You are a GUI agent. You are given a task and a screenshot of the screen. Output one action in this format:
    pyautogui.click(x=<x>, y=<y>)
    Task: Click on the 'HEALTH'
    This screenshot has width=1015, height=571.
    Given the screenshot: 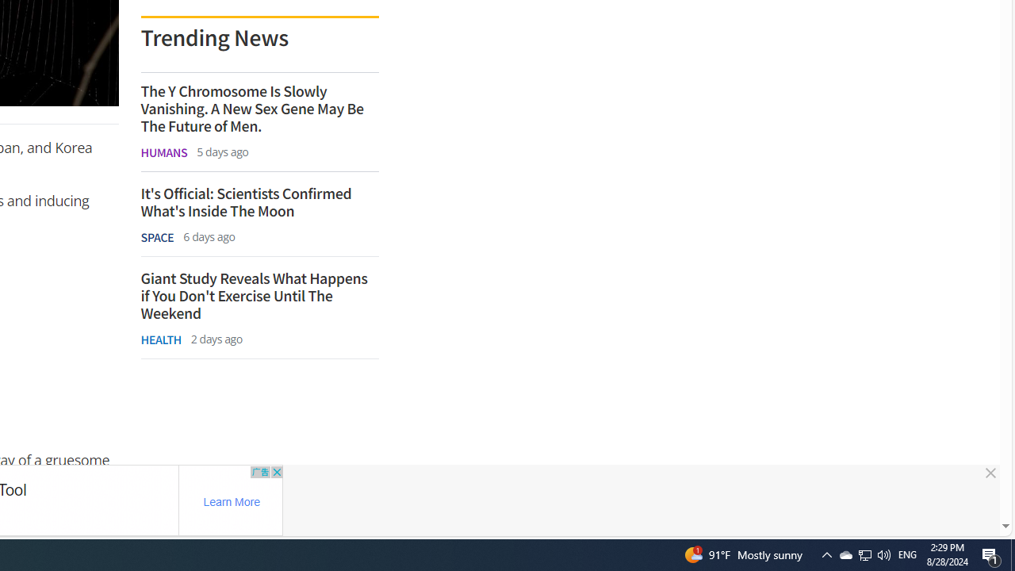 What is the action you would take?
    pyautogui.click(x=160, y=339)
    